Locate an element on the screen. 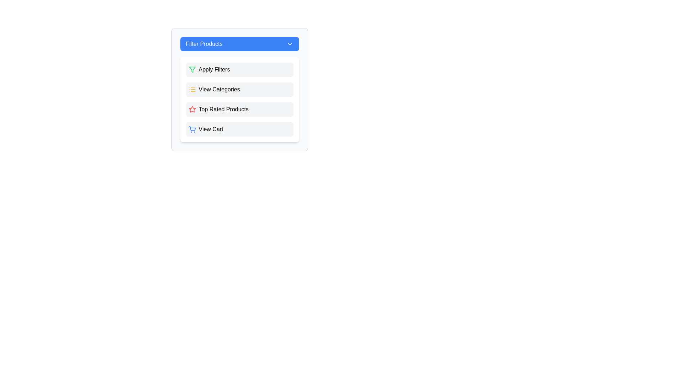 The height and width of the screenshot is (384, 683). the filter icon located within the 'Filter Products' dropdown menu, which is visually associated with the 'Apply Filters' label is located at coordinates (192, 70).